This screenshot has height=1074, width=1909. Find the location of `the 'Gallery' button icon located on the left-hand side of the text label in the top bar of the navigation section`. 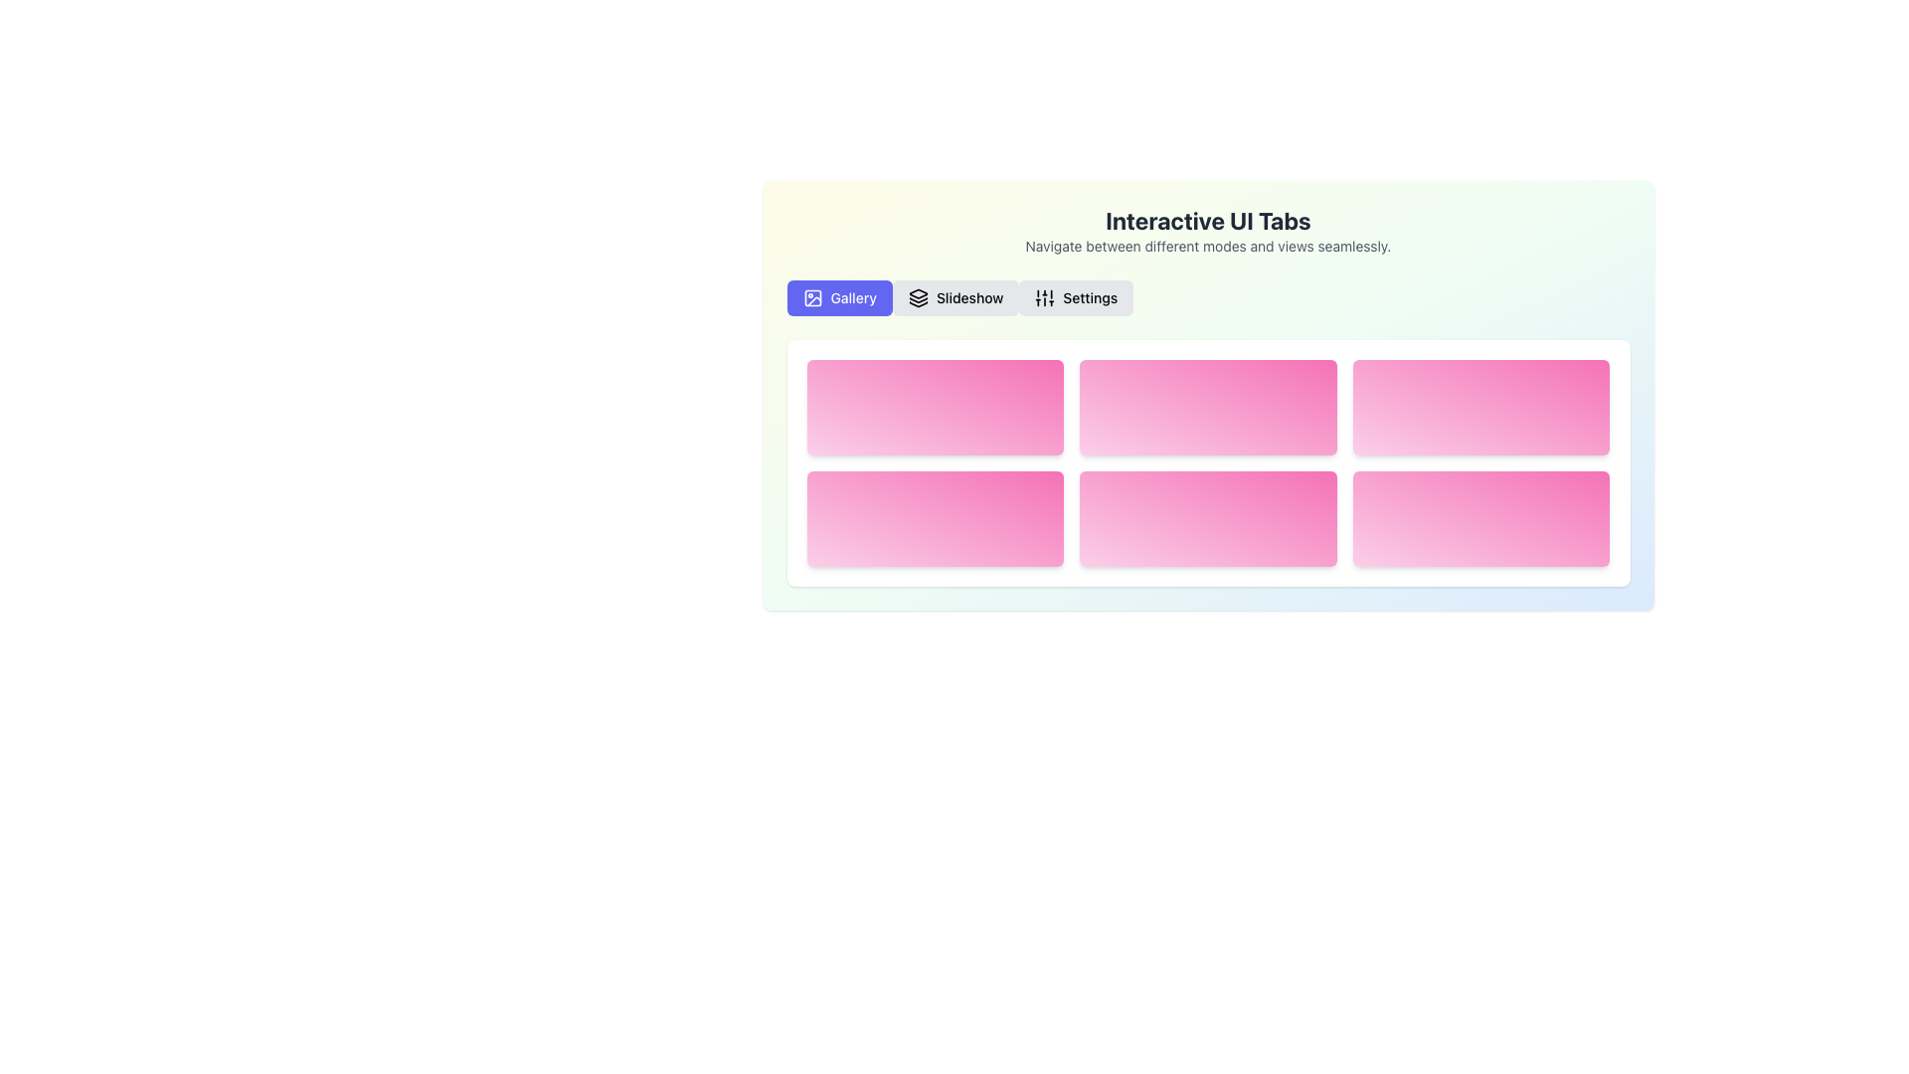

the 'Gallery' button icon located on the left-hand side of the text label in the top bar of the navigation section is located at coordinates (812, 298).